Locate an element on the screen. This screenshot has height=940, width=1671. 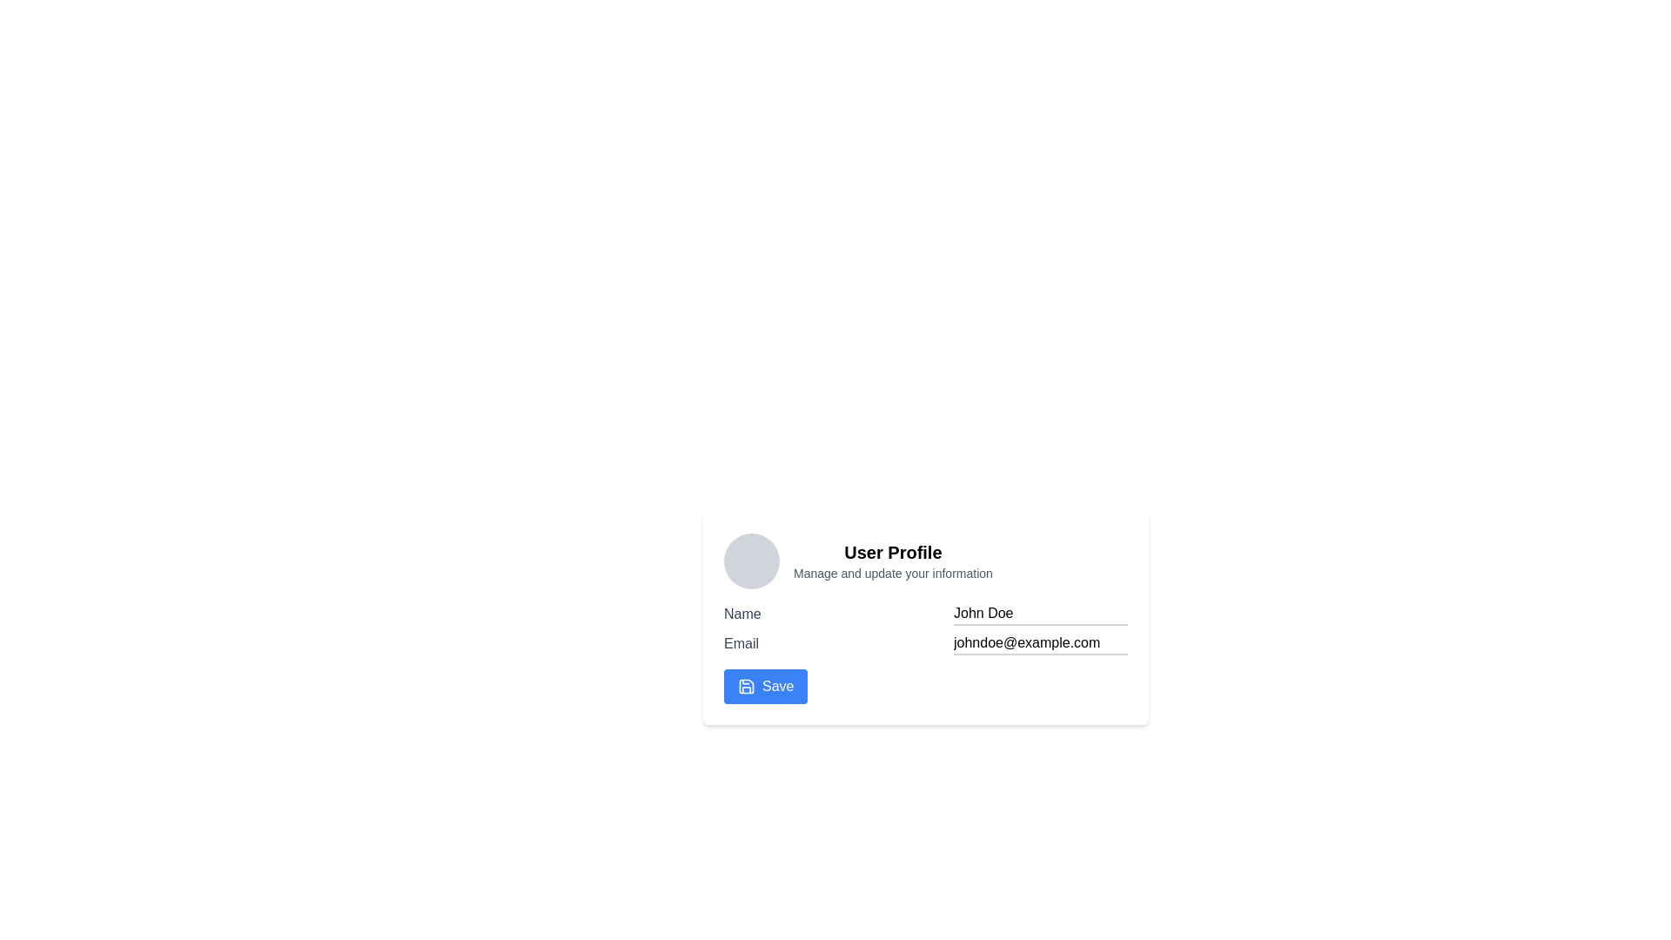
the static label text indicating the 'Name' input field, which is positioned above the text input field containing 'John Doe' is located at coordinates (742, 613).